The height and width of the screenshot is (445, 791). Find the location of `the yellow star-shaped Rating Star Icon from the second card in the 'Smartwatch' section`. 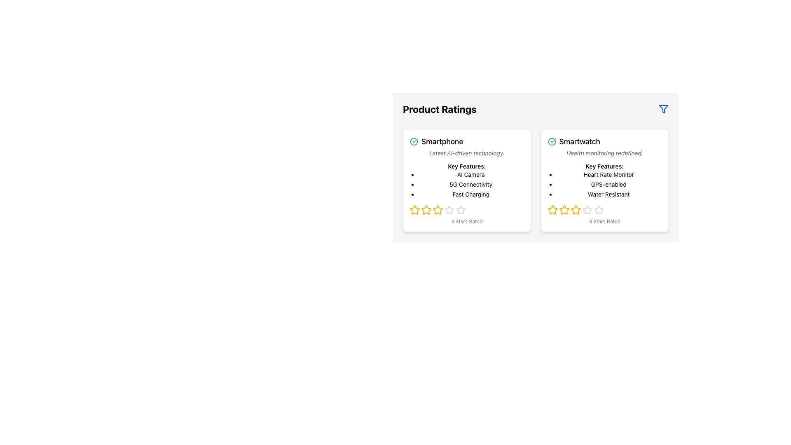

the yellow star-shaped Rating Star Icon from the second card in the 'Smartwatch' section is located at coordinates (552, 209).